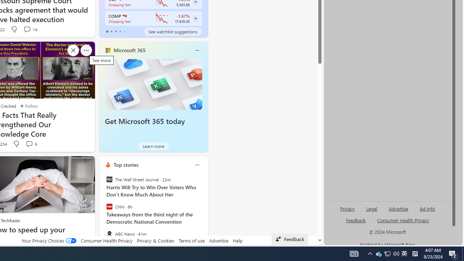  What do you see at coordinates (30, 29) in the screenshot?
I see `'View comments 14 Comment'` at bounding box center [30, 29].